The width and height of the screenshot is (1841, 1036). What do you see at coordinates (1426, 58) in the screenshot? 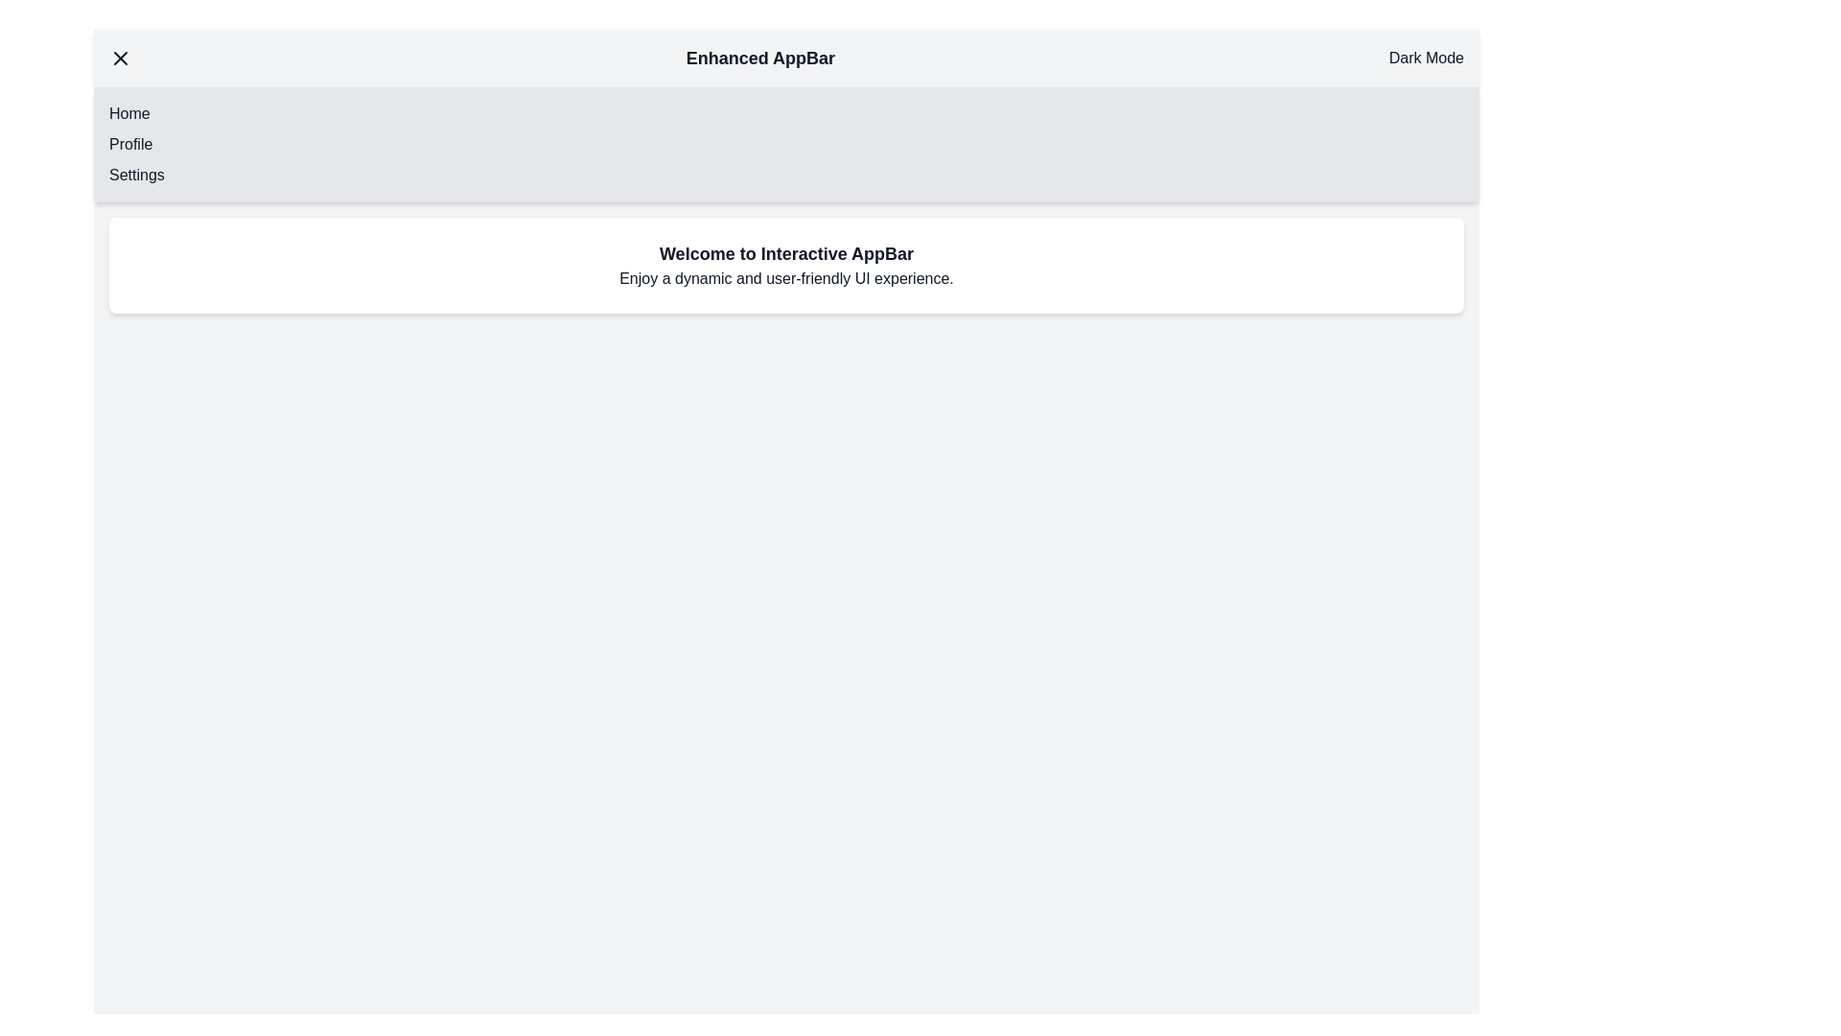
I see `the 'Dark Mode' button to toggle between light and dark modes` at bounding box center [1426, 58].